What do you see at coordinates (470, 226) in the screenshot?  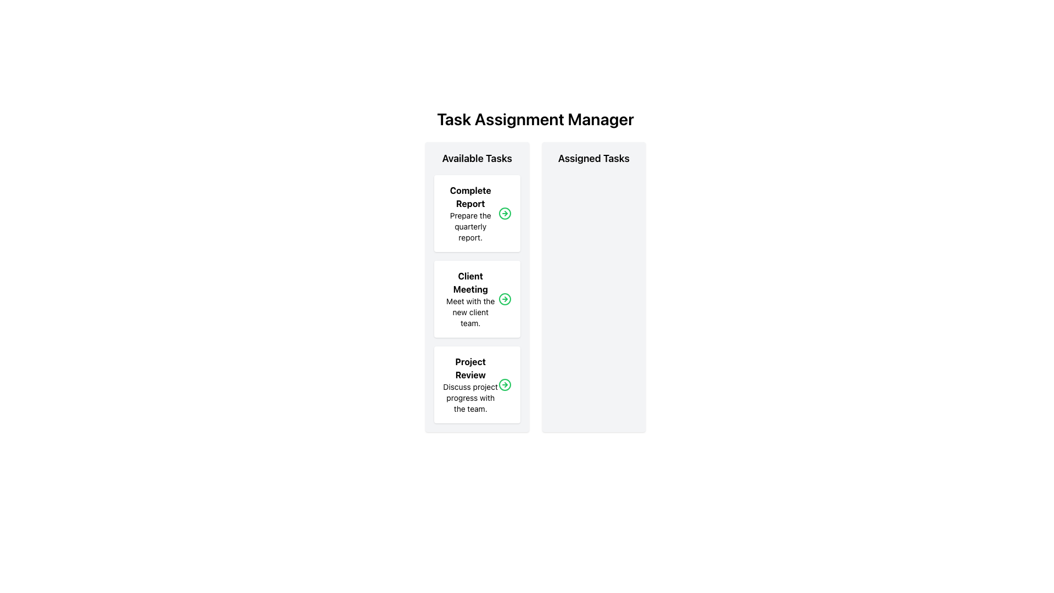 I see `the detailed description text label that provides information about the 'Complete Report' task, located below the 'Complete Report' header in the 'Available Tasks' column` at bounding box center [470, 226].